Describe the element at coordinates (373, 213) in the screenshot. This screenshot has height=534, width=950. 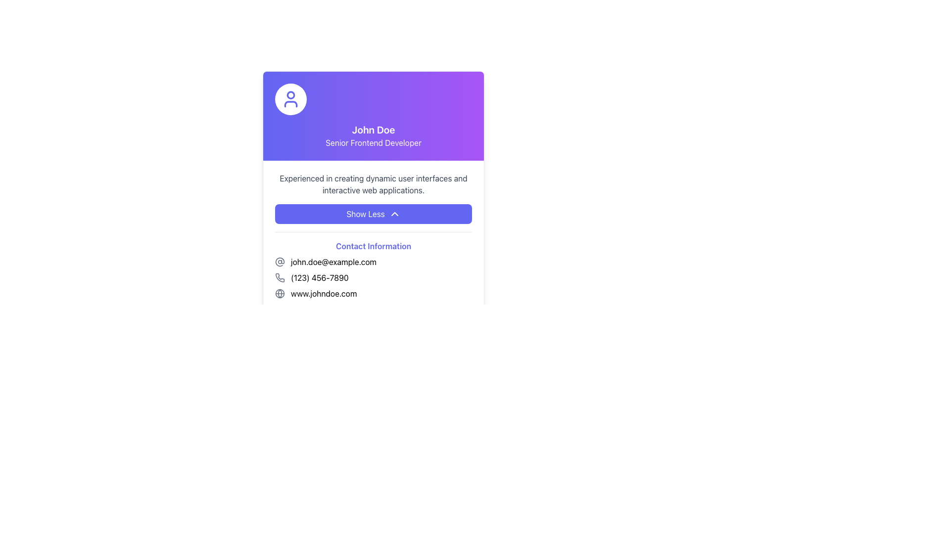
I see `the 'Show Less' button, which is a rectangular button with rounded corners, purple background, and white text, located just below the UI description and above the 'Contact Information' section` at that location.